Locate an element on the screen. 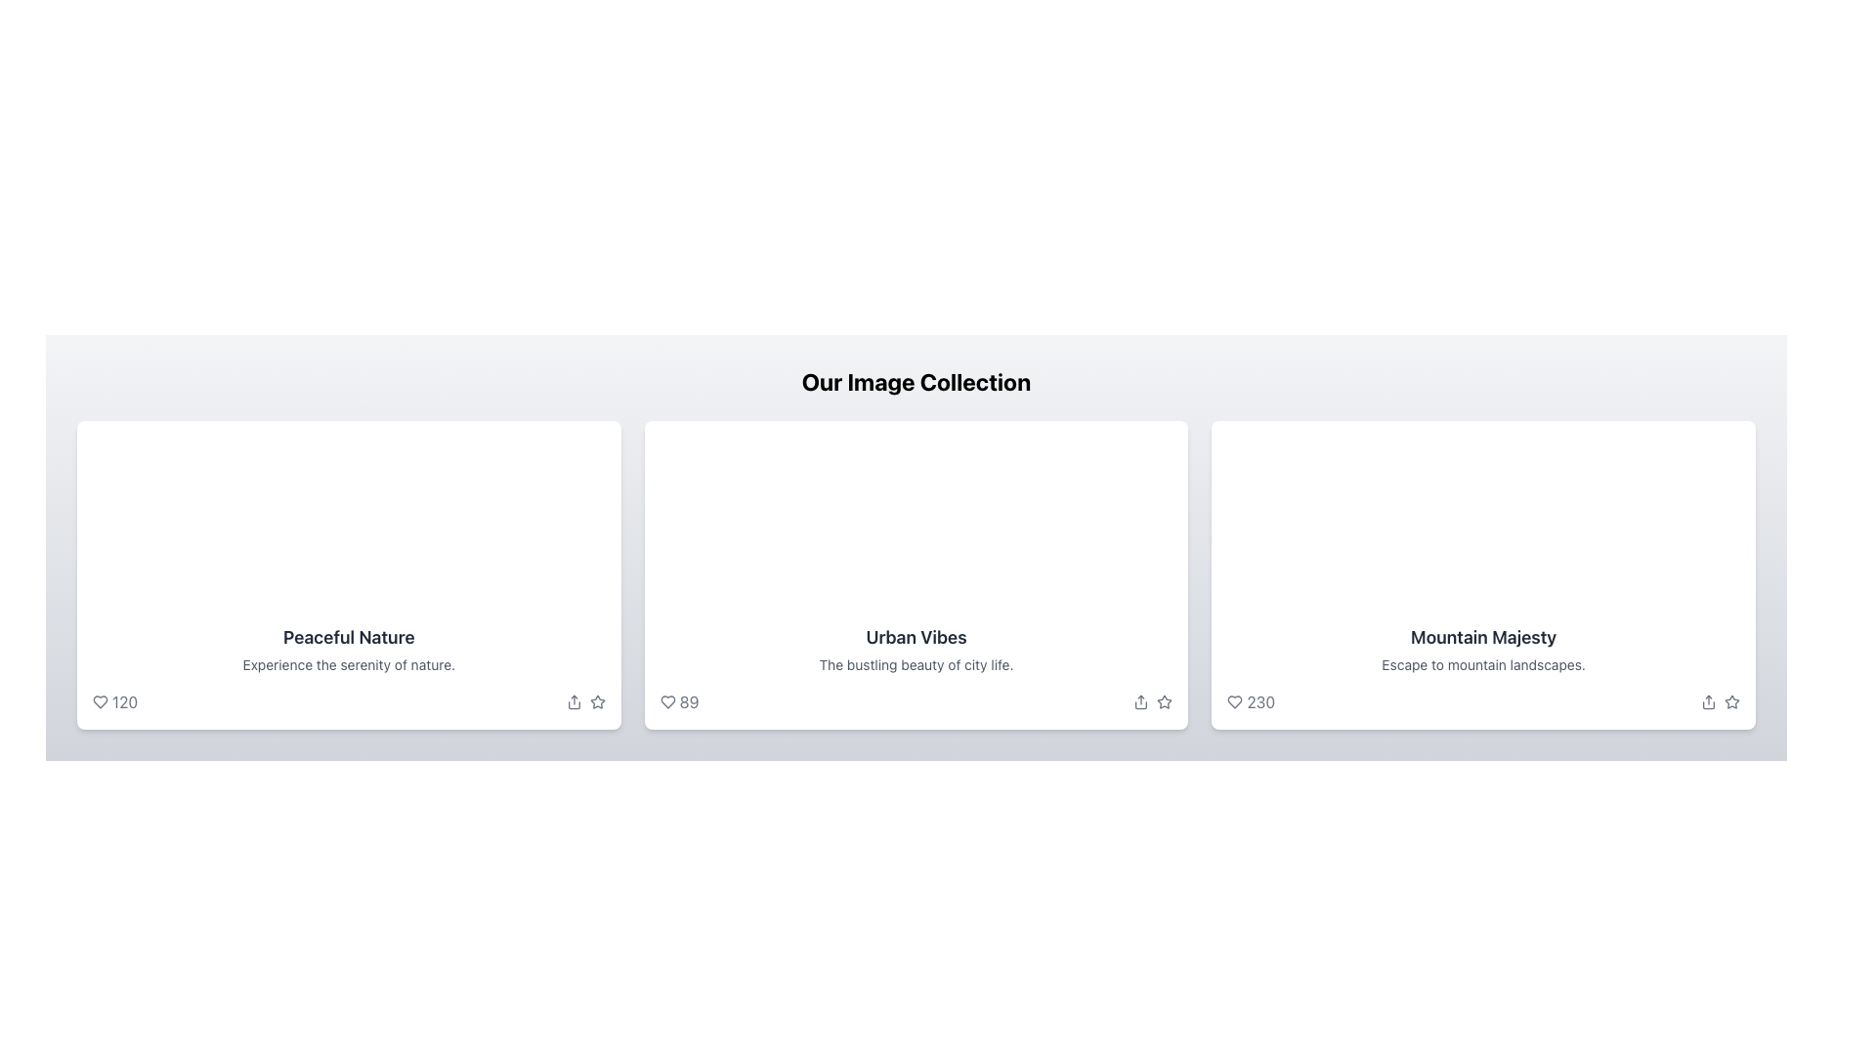 Image resolution: width=1876 pixels, height=1055 pixels. the heart-shaped icon located to the left of the number '89' under the 'Urban Vibes' section is located at coordinates (667, 700).